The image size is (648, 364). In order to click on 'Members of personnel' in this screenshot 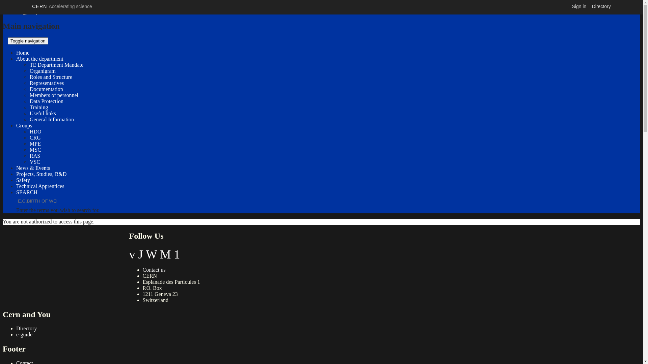, I will do `click(53, 95)`.